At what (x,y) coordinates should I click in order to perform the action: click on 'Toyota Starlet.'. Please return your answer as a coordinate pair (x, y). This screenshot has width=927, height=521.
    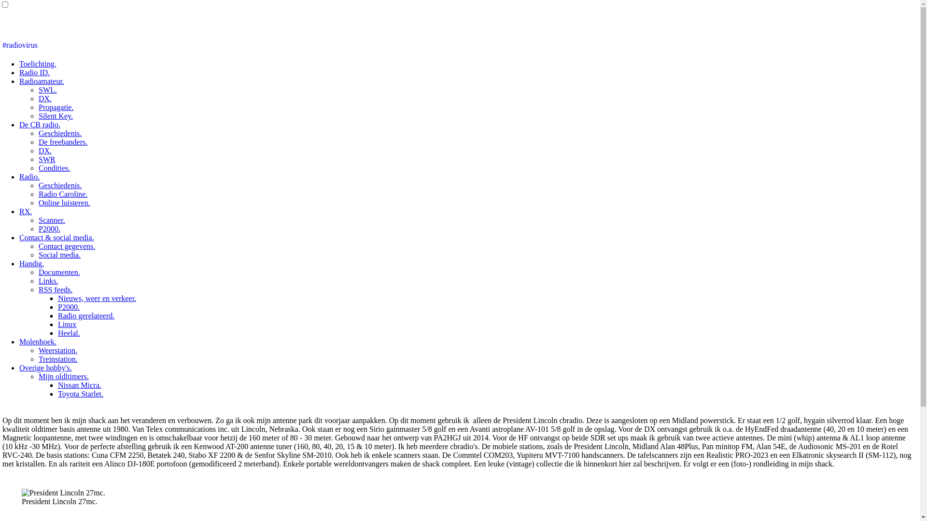
    Looking at the image, I should click on (57, 394).